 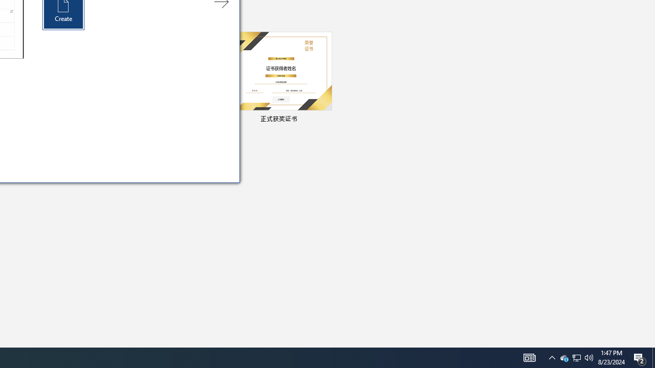 I want to click on 'Q2790: 100%', so click(x=589, y=357).